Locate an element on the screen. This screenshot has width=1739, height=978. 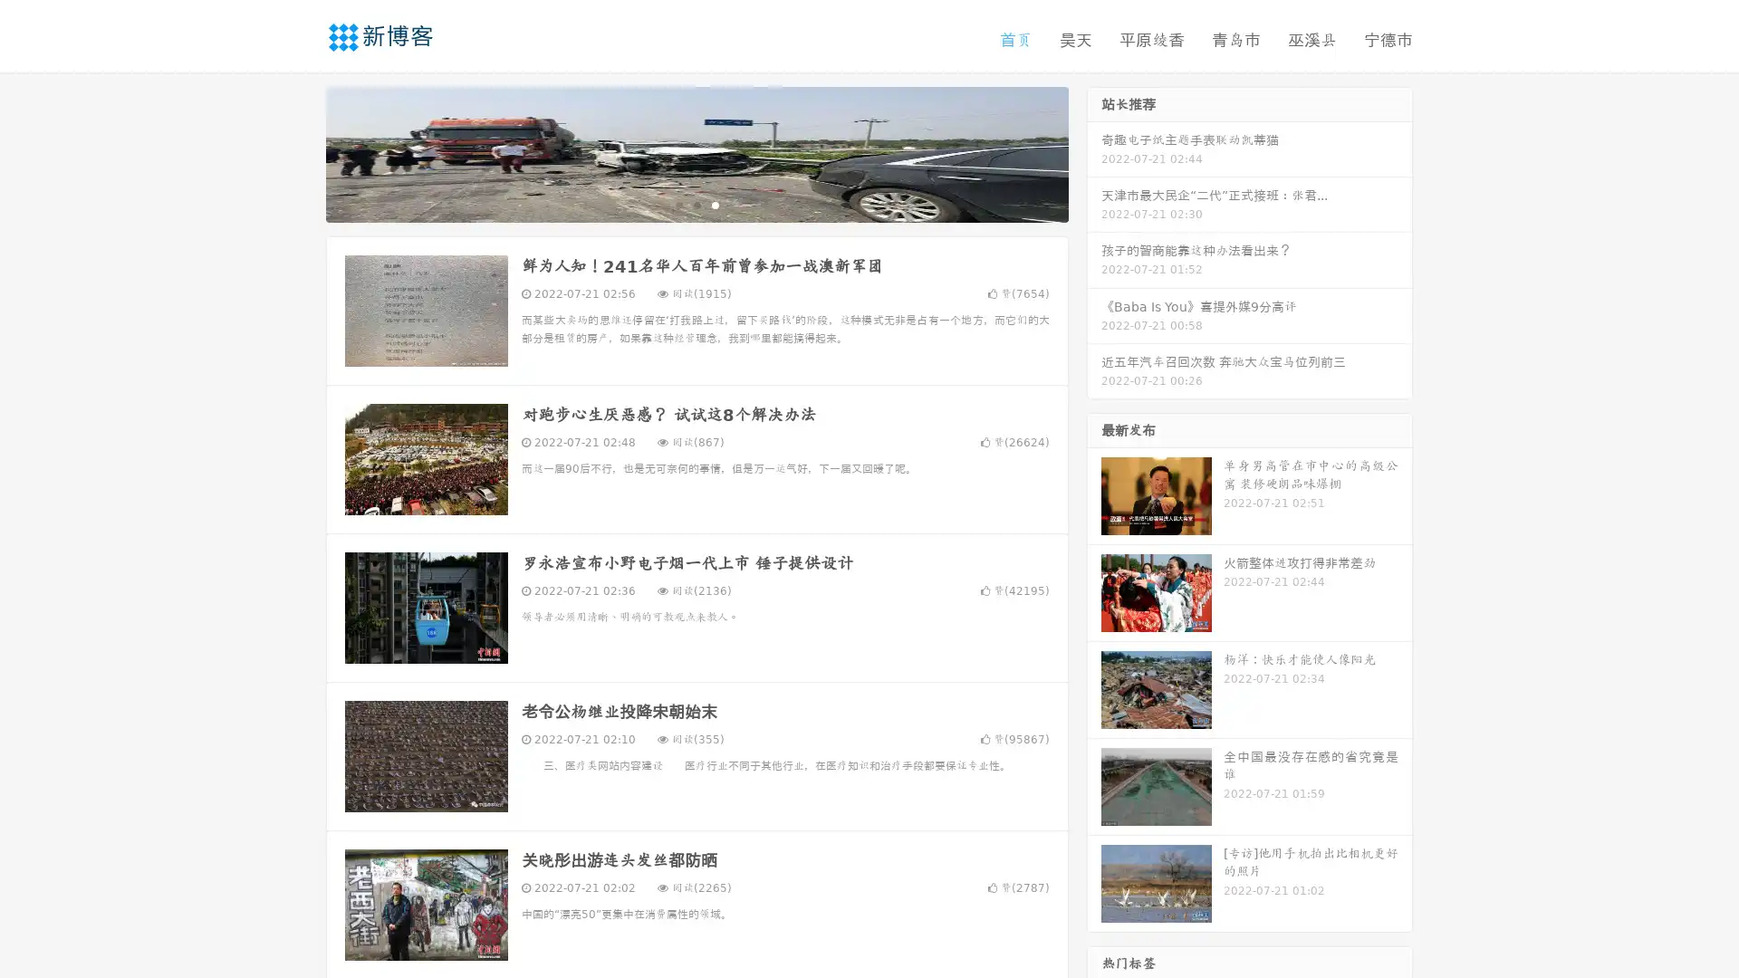
Next slide is located at coordinates (1094, 152).